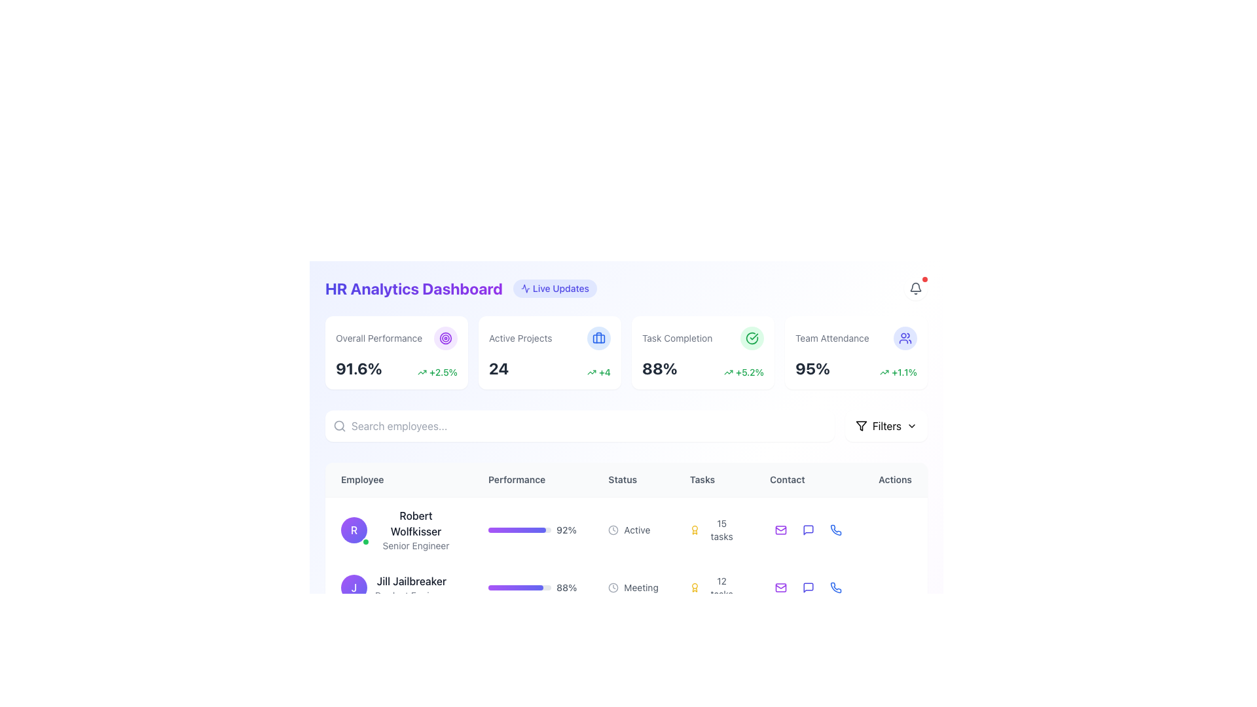  What do you see at coordinates (555, 287) in the screenshot?
I see `the pill-shaped label with the text 'Live Updates', which is styled with a light indigo background and located to the right of the 'HR Analytics Dashboard' heading` at bounding box center [555, 287].